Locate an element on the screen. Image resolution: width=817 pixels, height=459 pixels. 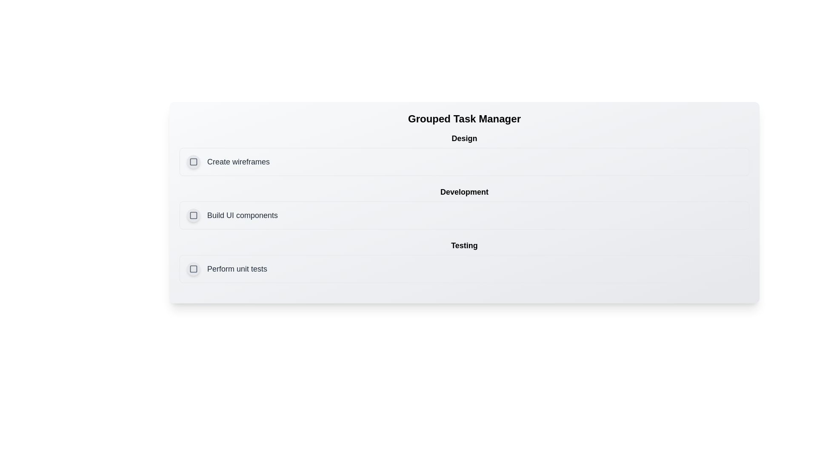
the Checkbox indicator located to the left of the 'Create wireframes' list item in the 'Design' section is located at coordinates (193, 162).